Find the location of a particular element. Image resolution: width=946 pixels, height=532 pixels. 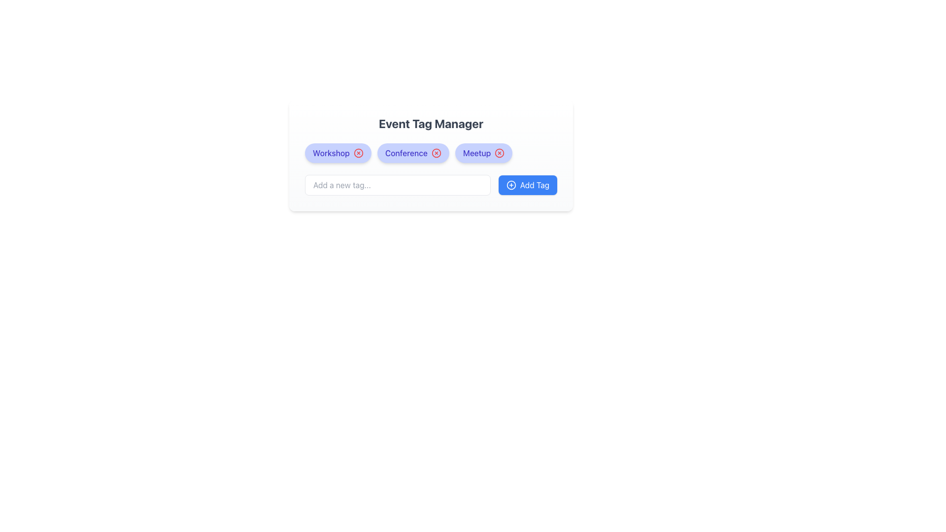

the SVG-based icon depicting a circle with a plus symbol, which is located within the 'Add Tag' button on the far-right side of the interface is located at coordinates (511, 185).